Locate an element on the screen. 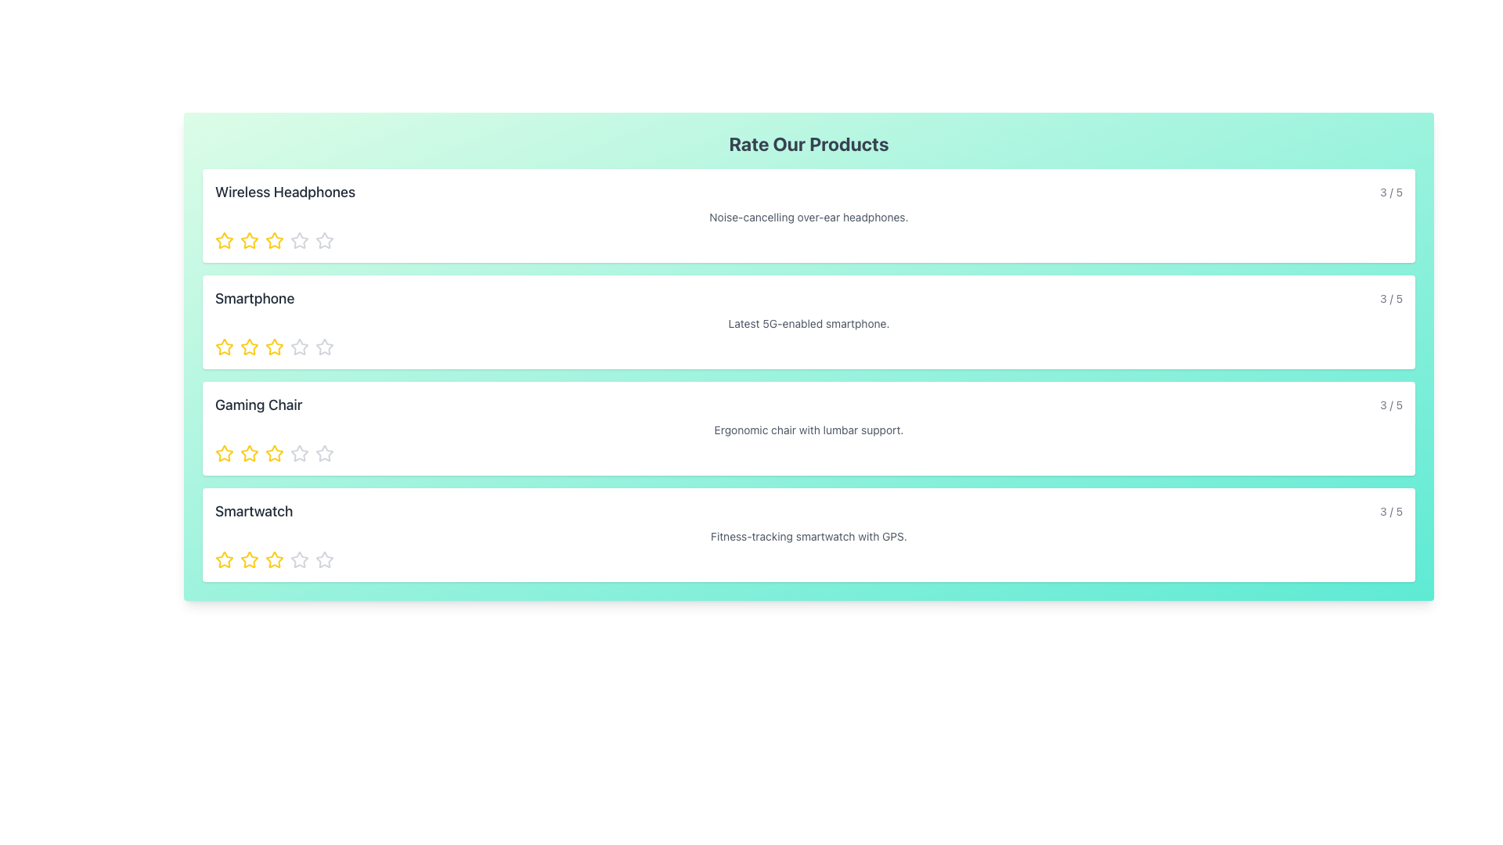 This screenshot has height=845, width=1503. the third yellow Rating Star Icon in the row for 'Gaming Chair' is located at coordinates (274, 453).